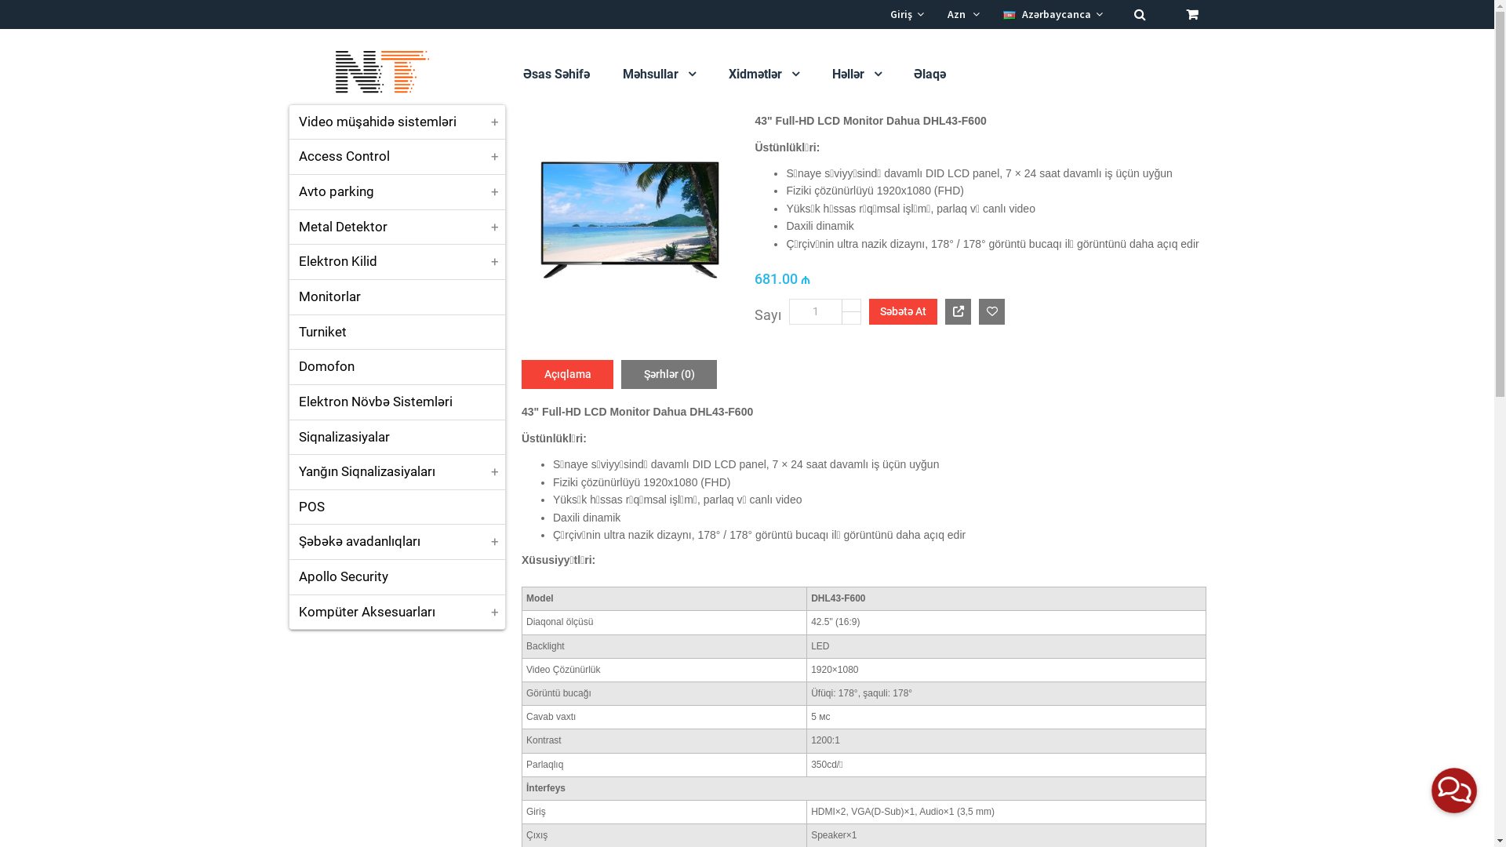 The image size is (1506, 847). I want to click on 'Avto parking, so click(289, 191).